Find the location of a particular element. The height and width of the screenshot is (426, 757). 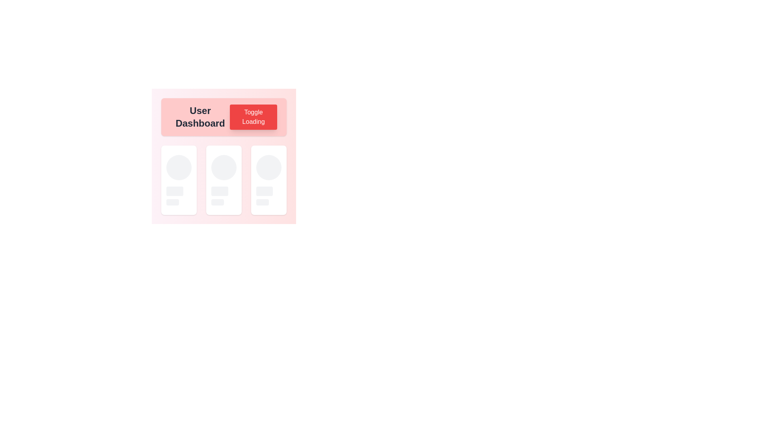

the decorative placeholder bar element, which is a gray rectangular bar with rounded corners positioned between a circular avatar and a smaller rectangular bar is located at coordinates (174, 191).